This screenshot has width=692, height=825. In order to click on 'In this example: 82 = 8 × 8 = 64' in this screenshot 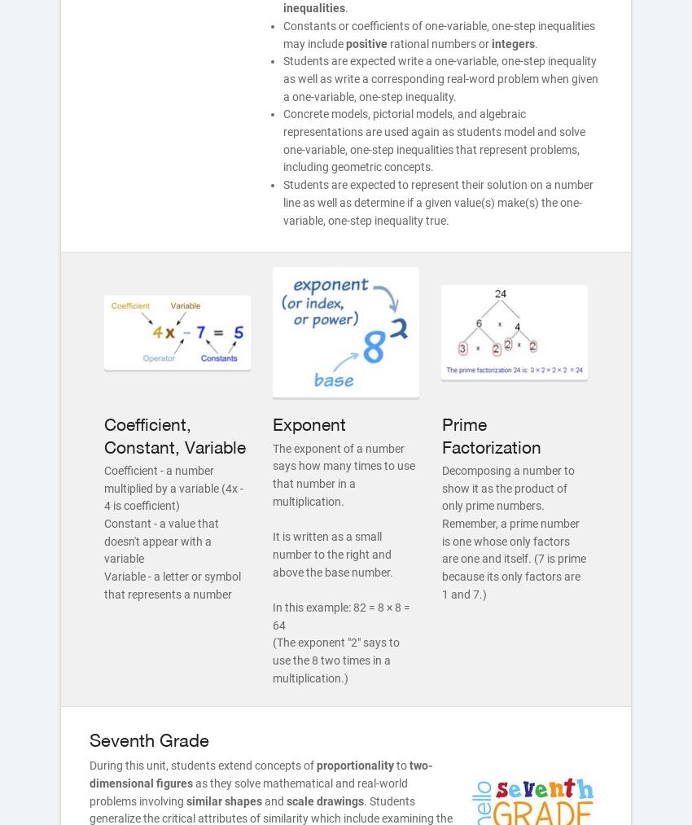, I will do `click(341, 616)`.